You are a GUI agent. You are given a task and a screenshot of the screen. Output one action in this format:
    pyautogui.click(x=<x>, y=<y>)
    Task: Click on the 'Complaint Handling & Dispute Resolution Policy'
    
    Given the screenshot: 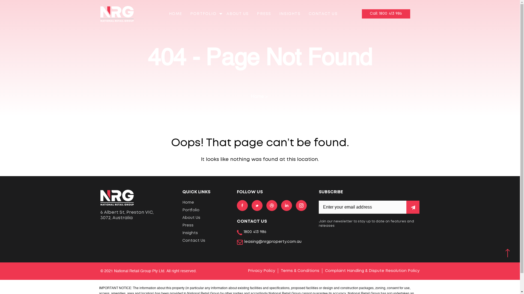 What is the action you would take?
    pyautogui.click(x=372, y=271)
    